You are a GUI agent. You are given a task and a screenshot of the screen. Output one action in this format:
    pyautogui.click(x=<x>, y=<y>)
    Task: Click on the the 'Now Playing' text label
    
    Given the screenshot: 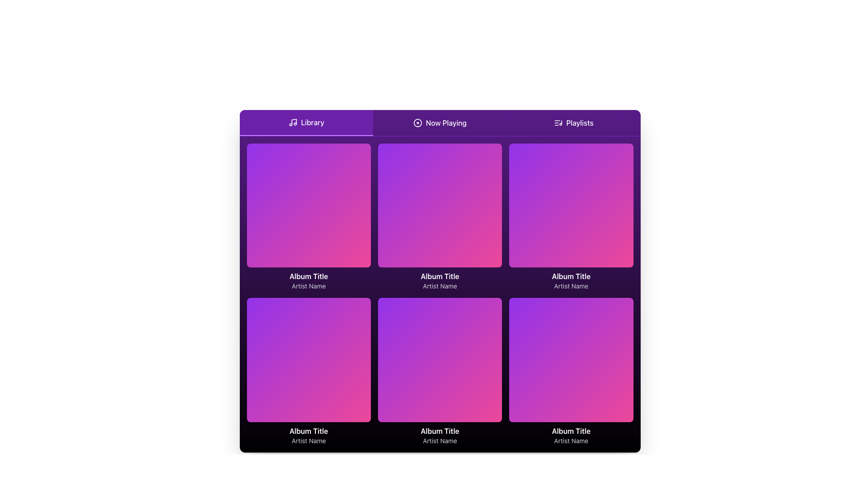 What is the action you would take?
    pyautogui.click(x=446, y=123)
    